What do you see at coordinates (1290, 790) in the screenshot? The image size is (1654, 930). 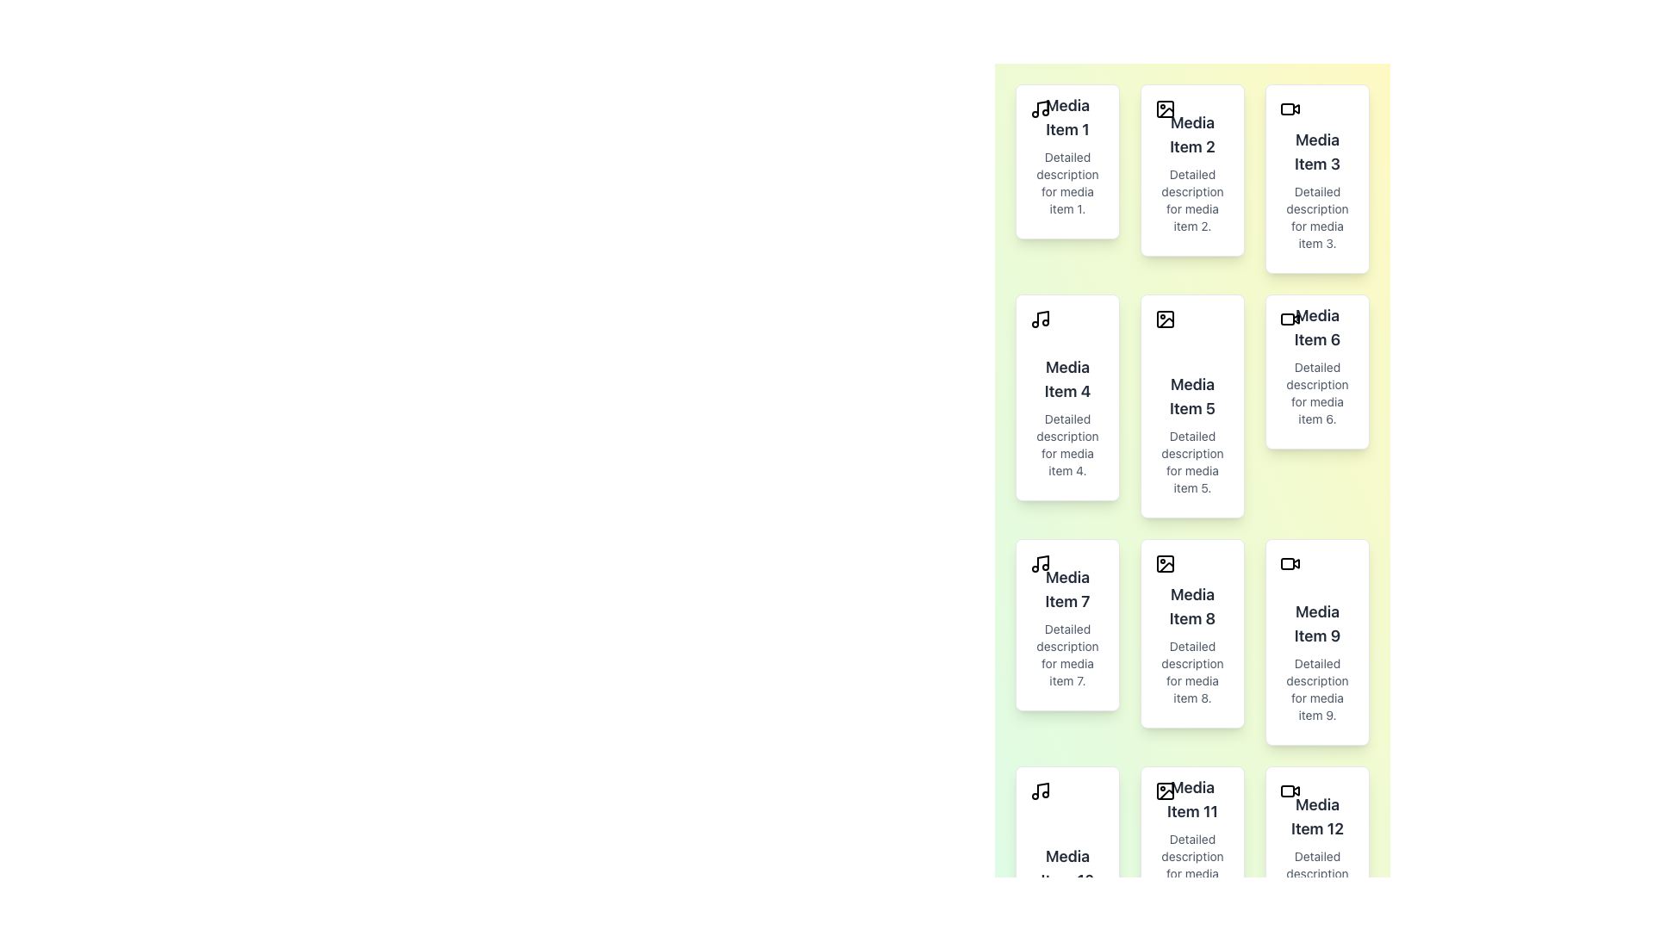 I see `the video camera icon located at the top-left corner of 'Media Item 12' card in the bottom-right corner of the grid layout` at bounding box center [1290, 790].